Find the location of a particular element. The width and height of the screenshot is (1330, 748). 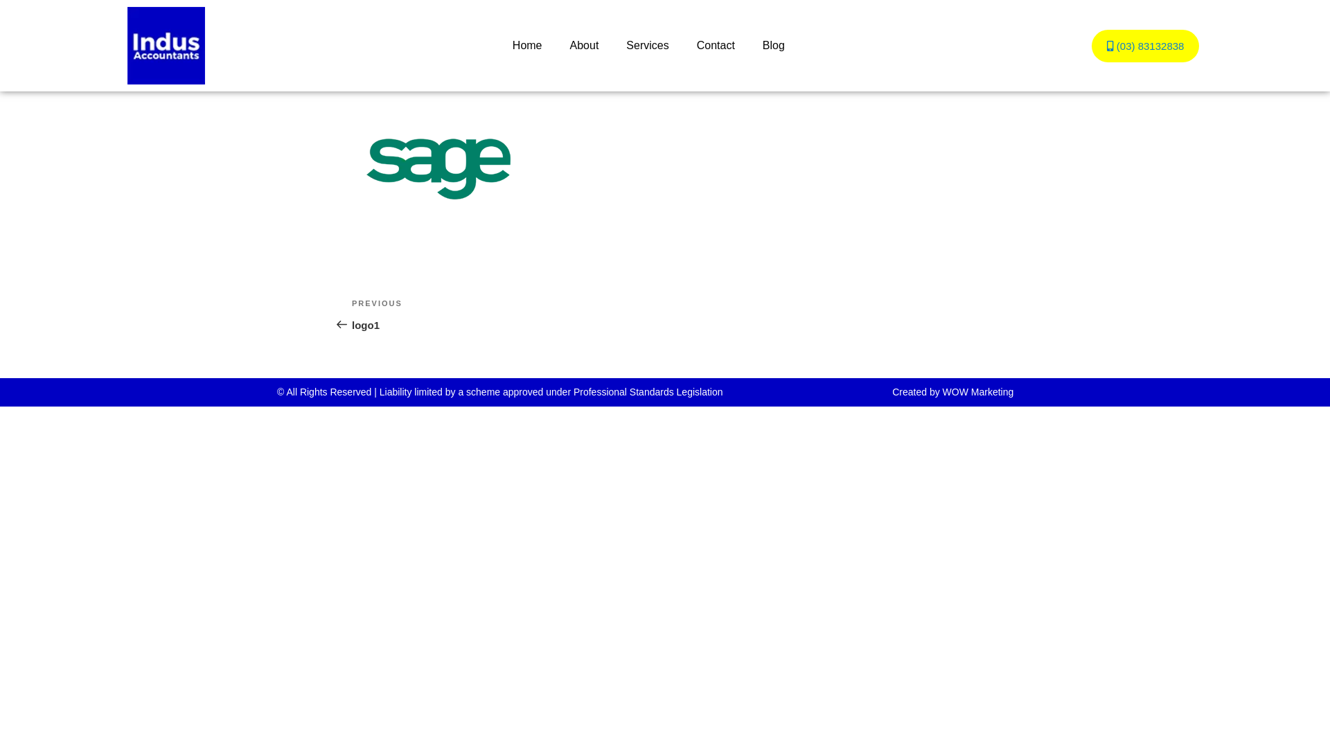

'Contact' is located at coordinates (682, 44).